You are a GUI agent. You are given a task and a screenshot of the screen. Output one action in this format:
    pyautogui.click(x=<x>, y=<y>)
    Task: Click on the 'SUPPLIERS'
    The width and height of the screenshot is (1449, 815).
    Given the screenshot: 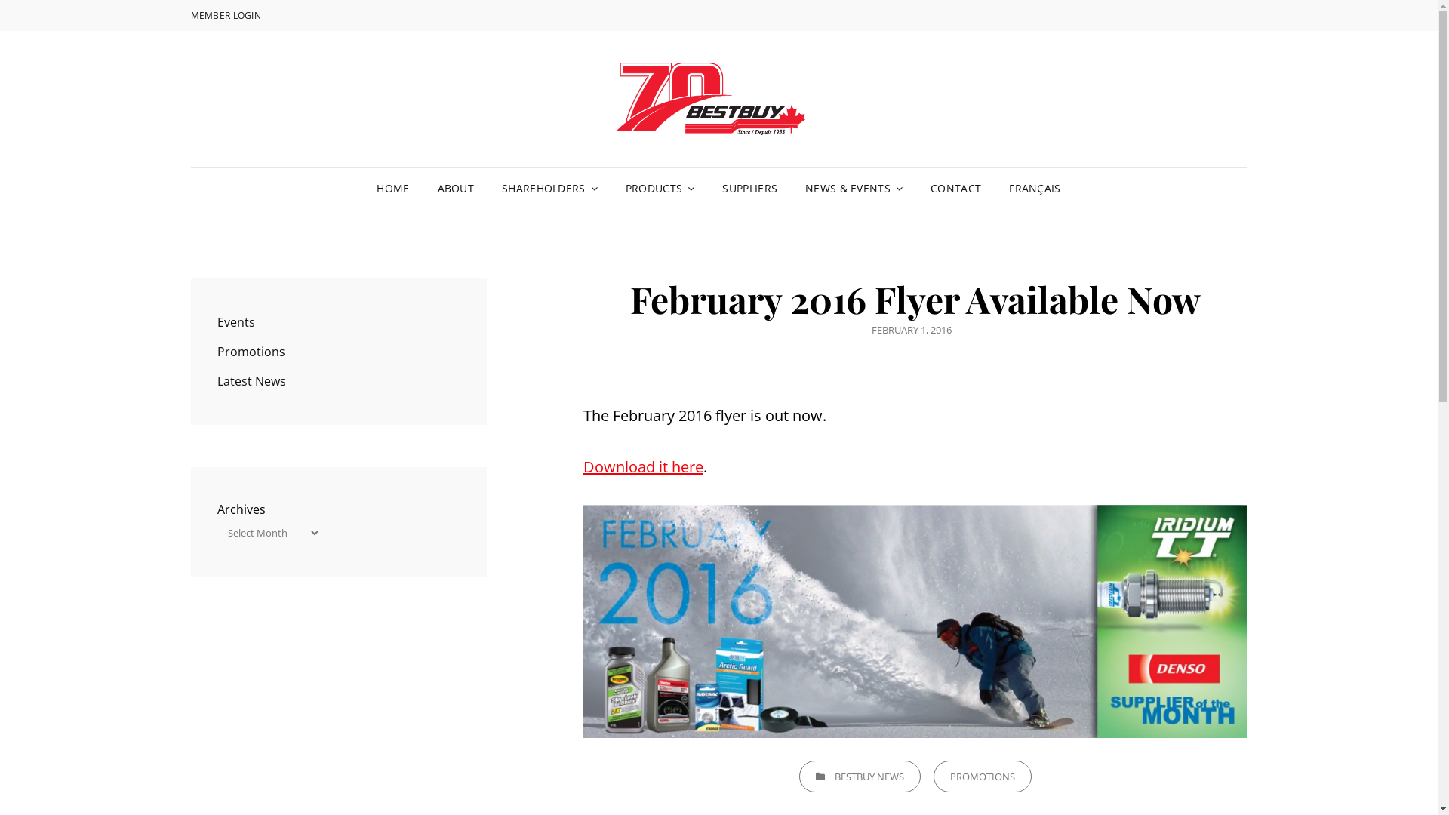 What is the action you would take?
    pyautogui.click(x=749, y=188)
    